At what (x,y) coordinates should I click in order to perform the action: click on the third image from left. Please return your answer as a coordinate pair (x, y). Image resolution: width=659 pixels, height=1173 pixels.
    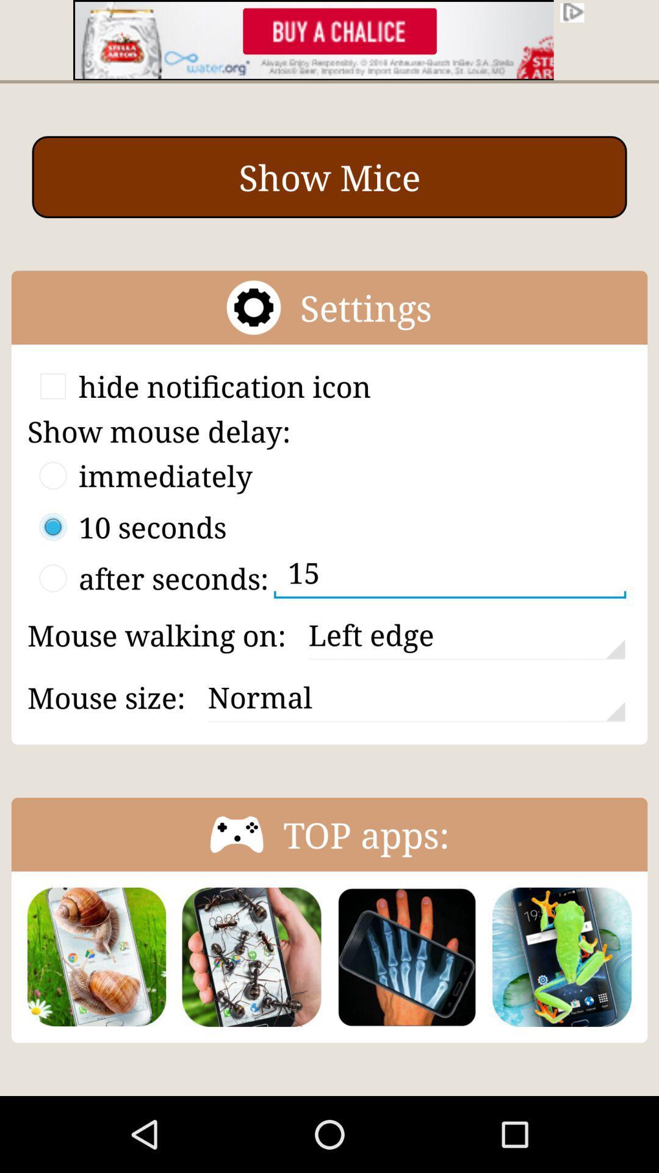
    Looking at the image, I should click on (407, 956).